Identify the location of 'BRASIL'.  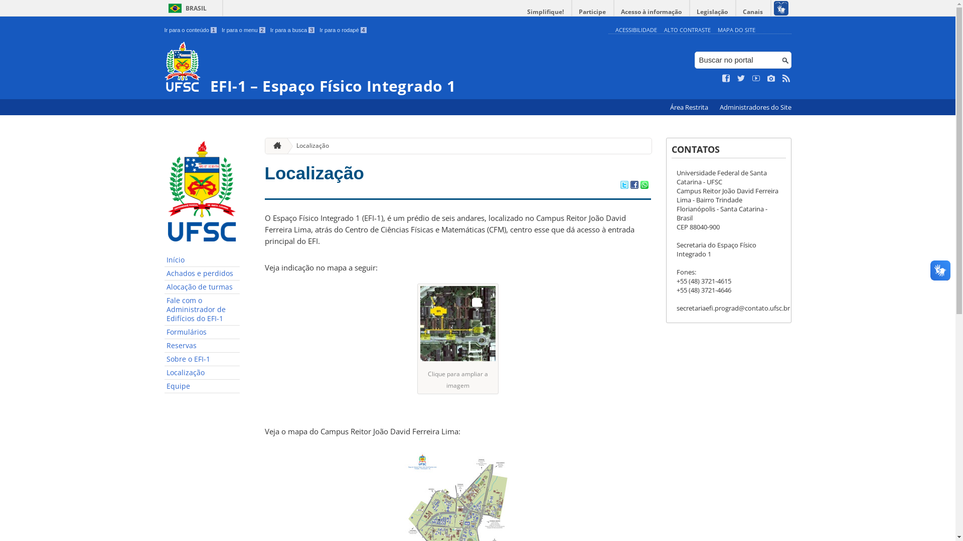
(186, 8).